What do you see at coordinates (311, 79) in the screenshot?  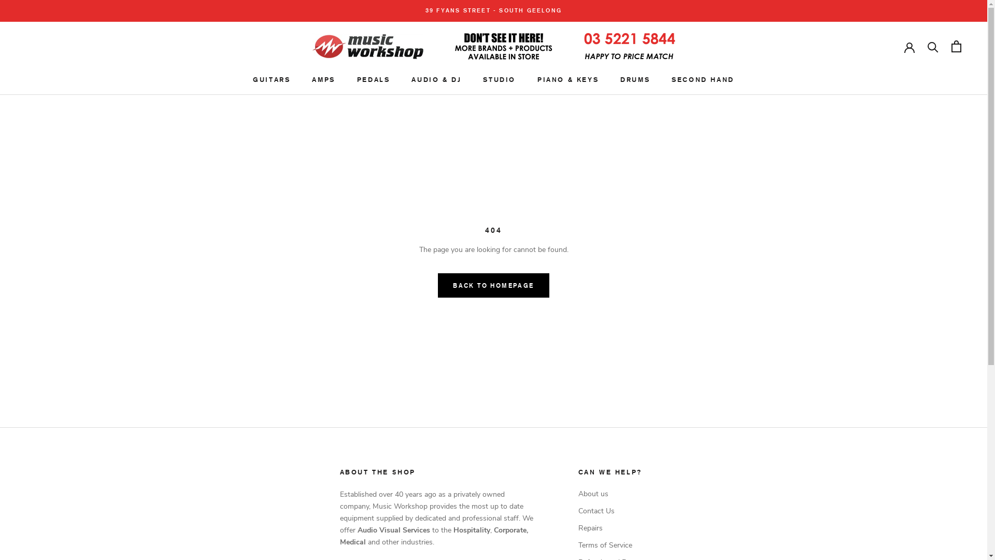 I see `'AMPS'` at bounding box center [311, 79].